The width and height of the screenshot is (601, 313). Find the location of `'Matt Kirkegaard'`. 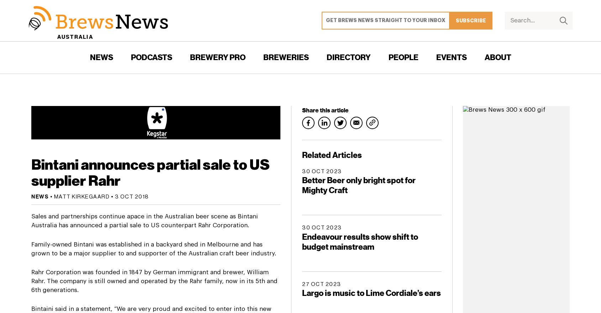

'Matt Kirkegaard' is located at coordinates (81, 196).